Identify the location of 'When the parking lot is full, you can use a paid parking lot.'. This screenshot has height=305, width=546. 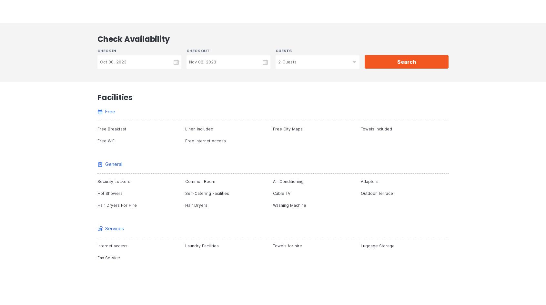
(190, 132).